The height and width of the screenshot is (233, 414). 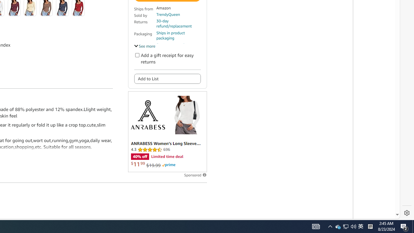 I want to click on '30-day refund/replacement', so click(x=178, y=23).